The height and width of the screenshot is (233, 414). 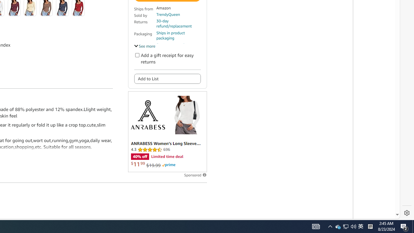 I want to click on '30-day refund/replacement', so click(x=178, y=23).